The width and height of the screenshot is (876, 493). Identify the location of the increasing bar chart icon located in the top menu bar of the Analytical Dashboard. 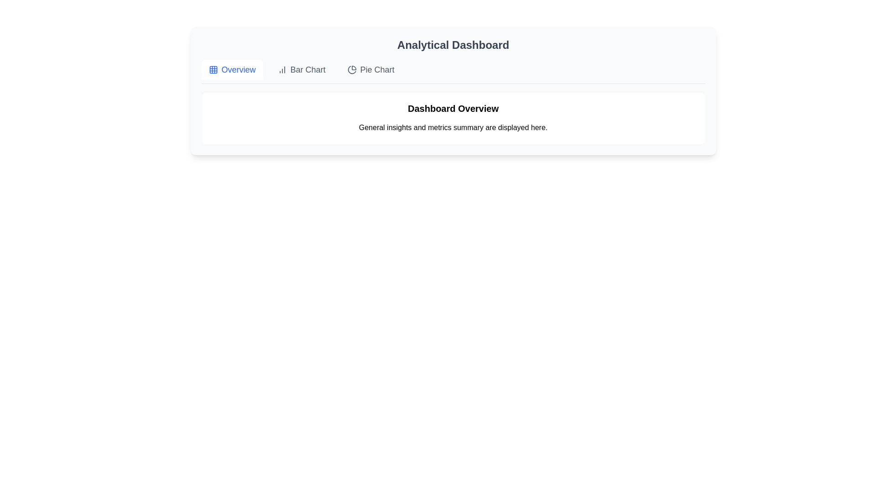
(282, 69).